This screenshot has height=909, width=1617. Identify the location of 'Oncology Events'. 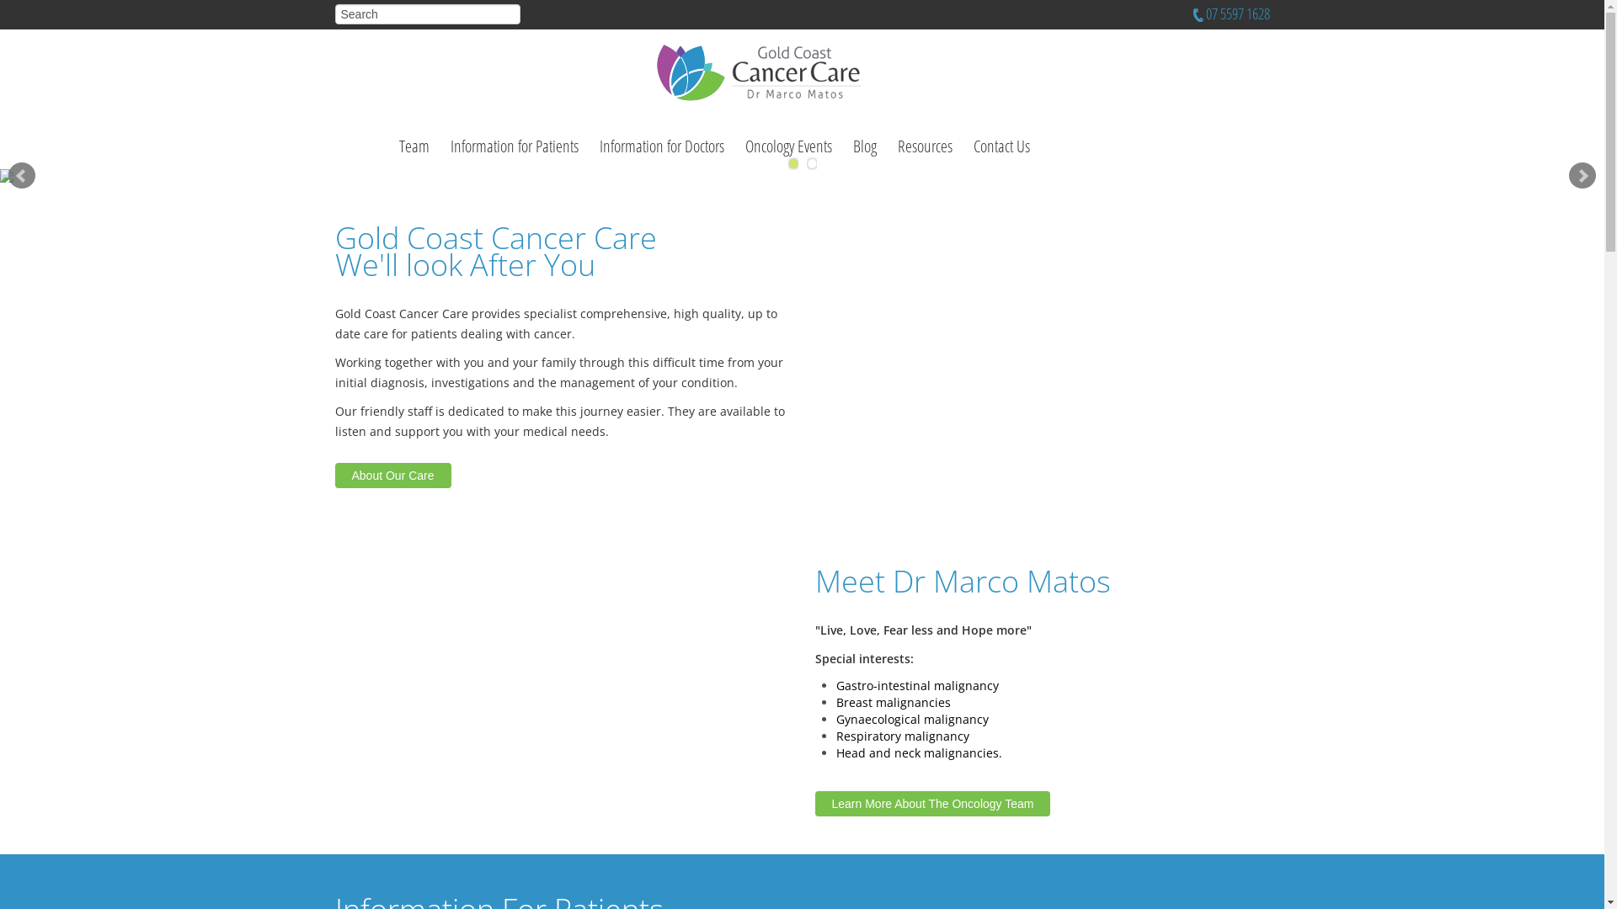
(787, 145).